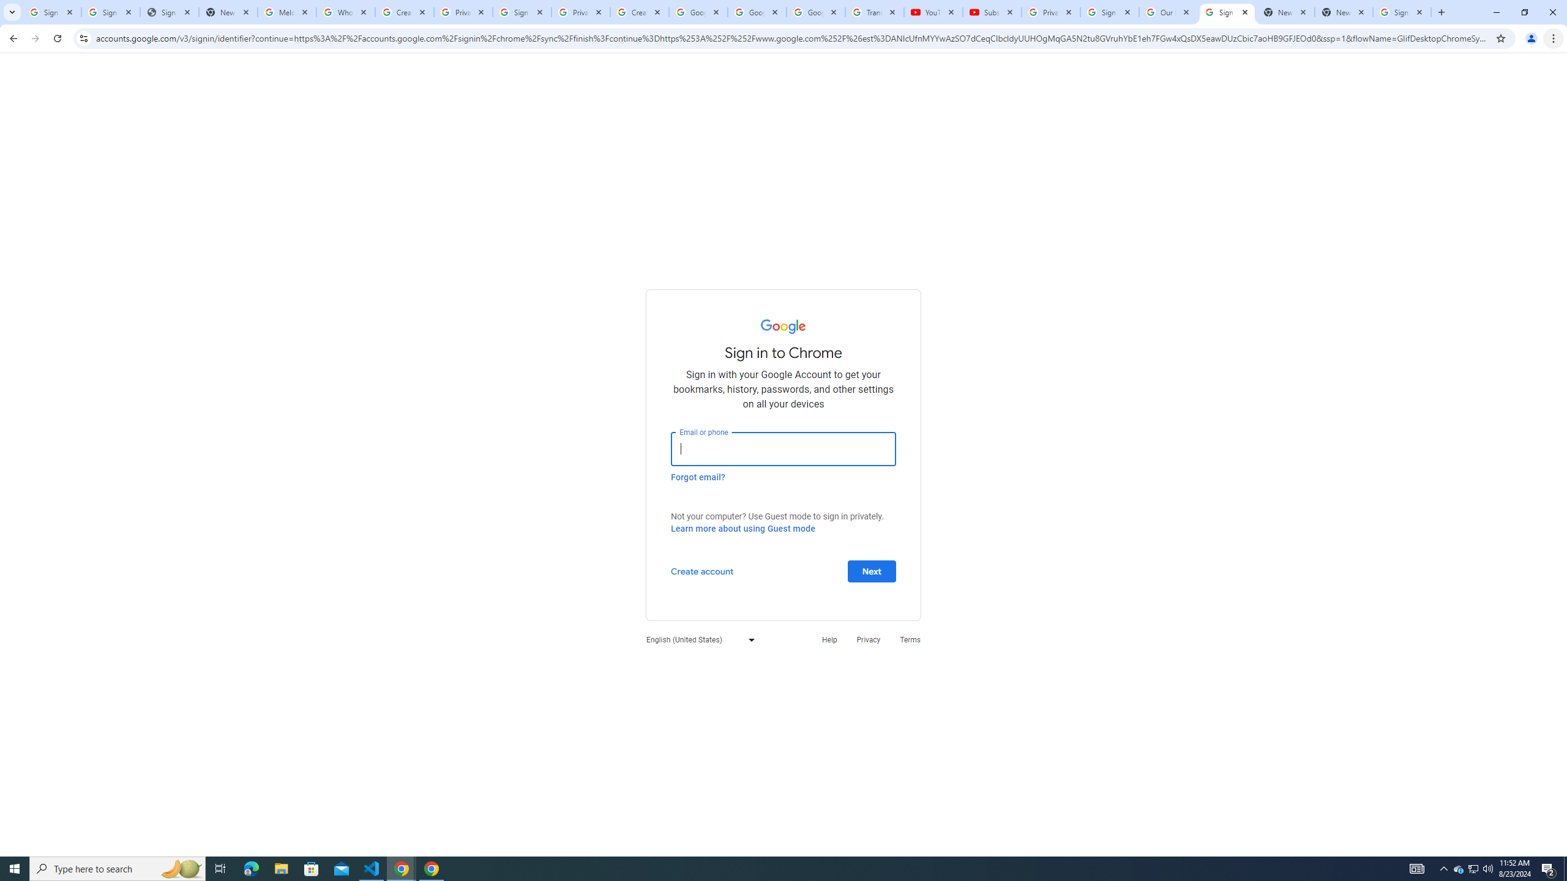 The width and height of the screenshot is (1567, 881). I want to click on 'English (United States)', so click(697, 639).